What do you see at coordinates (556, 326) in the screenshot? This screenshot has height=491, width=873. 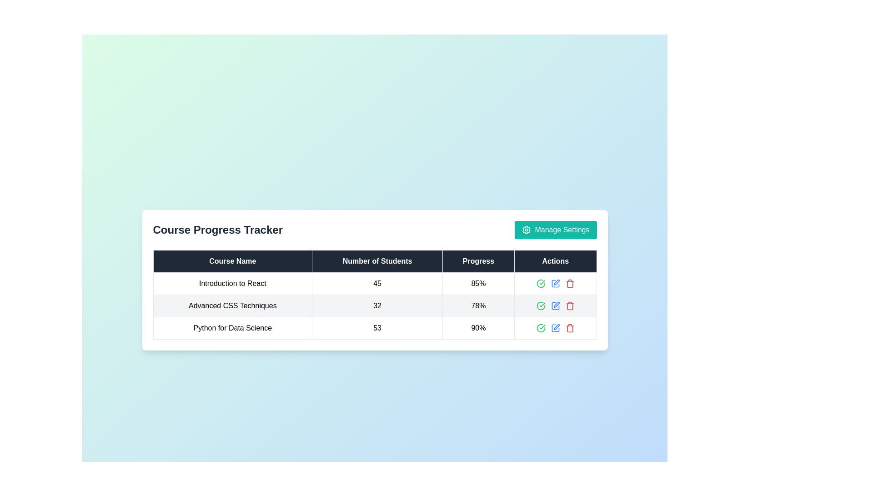 I see `the pen icon located in the 'Actions' column of the third row of the table` at bounding box center [556, 326].